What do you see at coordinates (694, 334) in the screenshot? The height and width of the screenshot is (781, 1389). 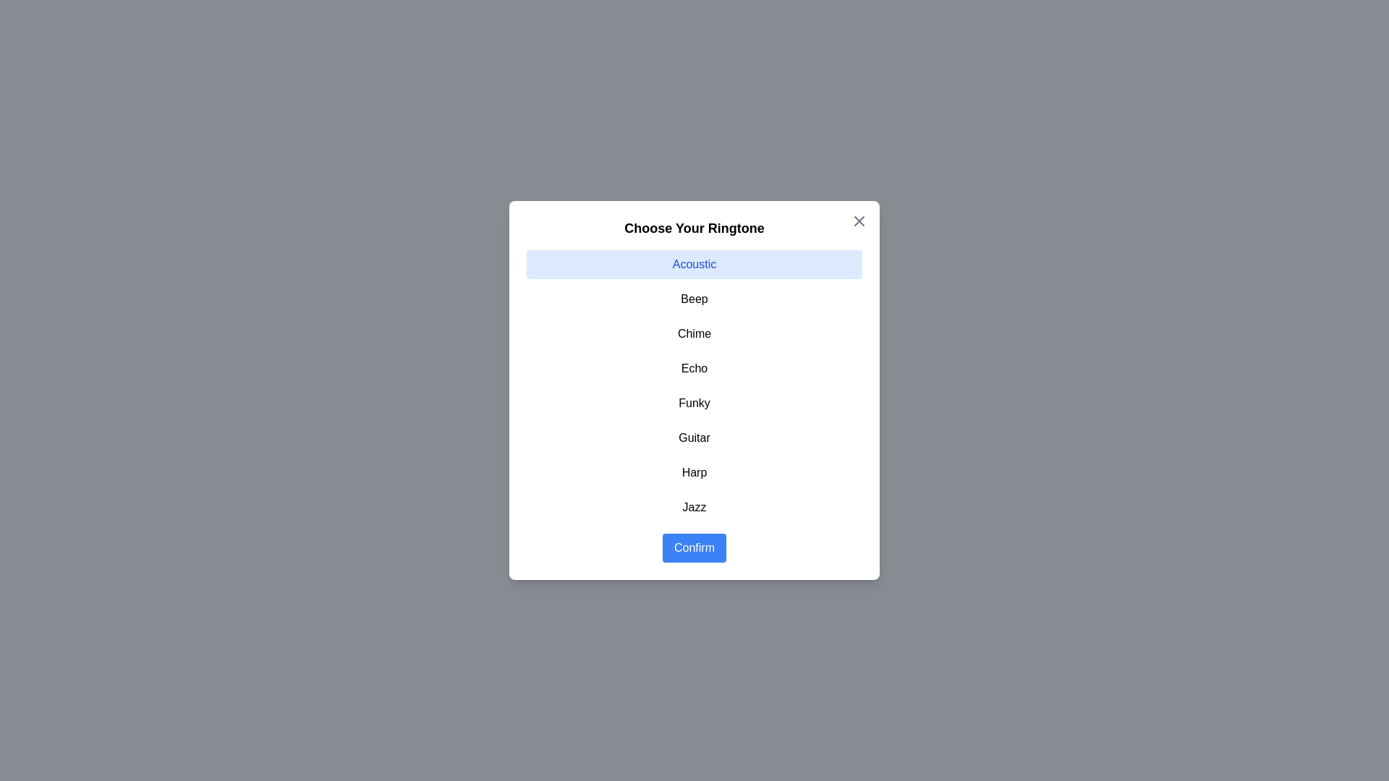 I see `the ringtone Chime from the list` at bounding box center [694, 334].